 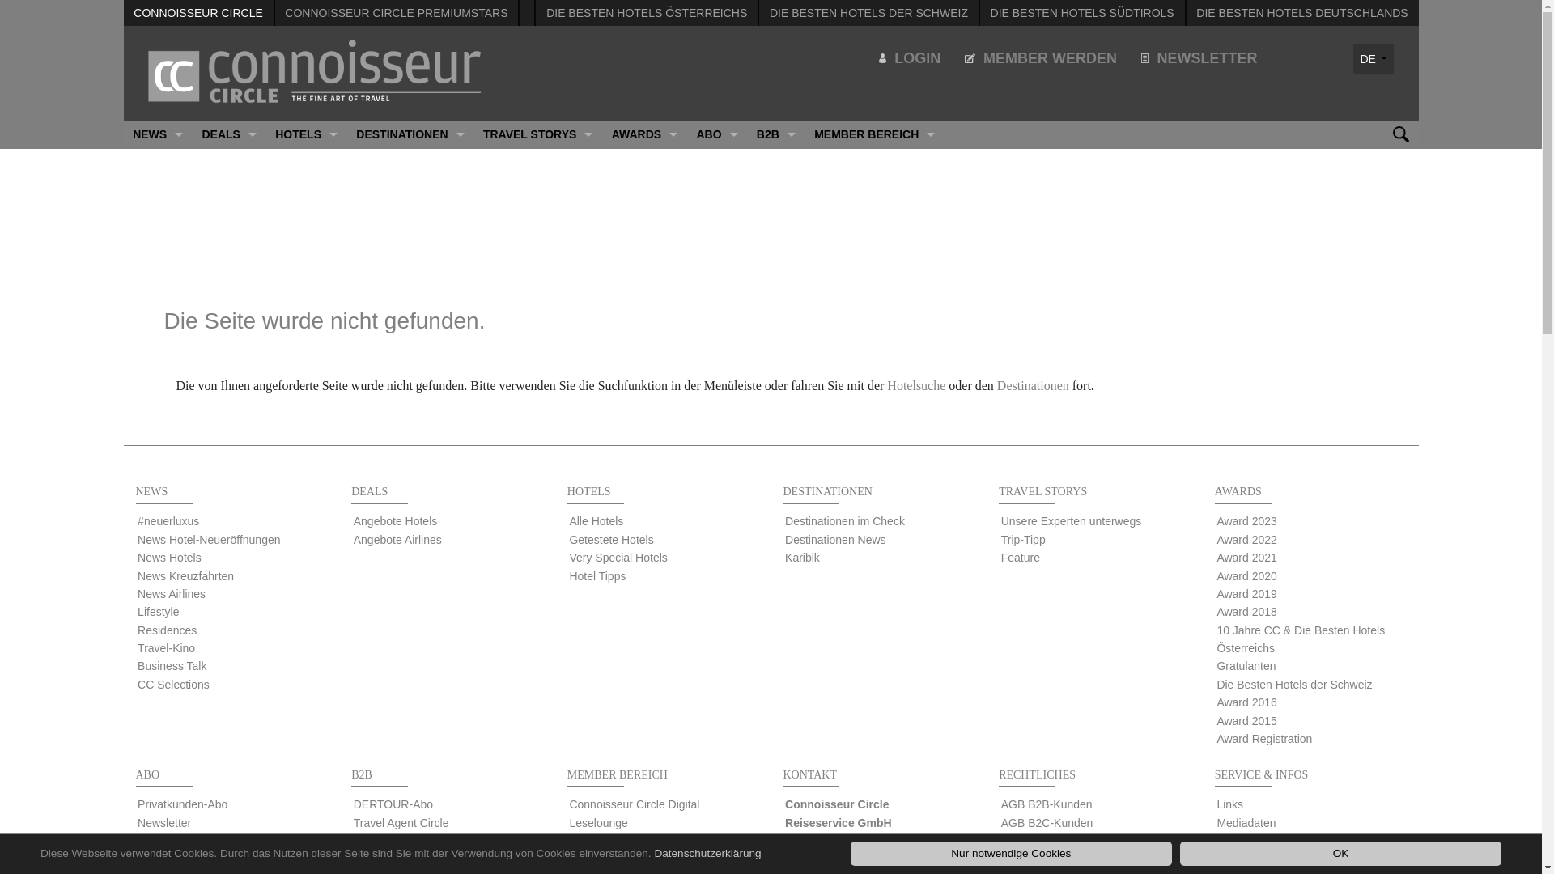 What do you see at coordinates (393, 804) in the screenshot?
I see `'DERTOUR-Abo'` at bounding box center [393, 804].